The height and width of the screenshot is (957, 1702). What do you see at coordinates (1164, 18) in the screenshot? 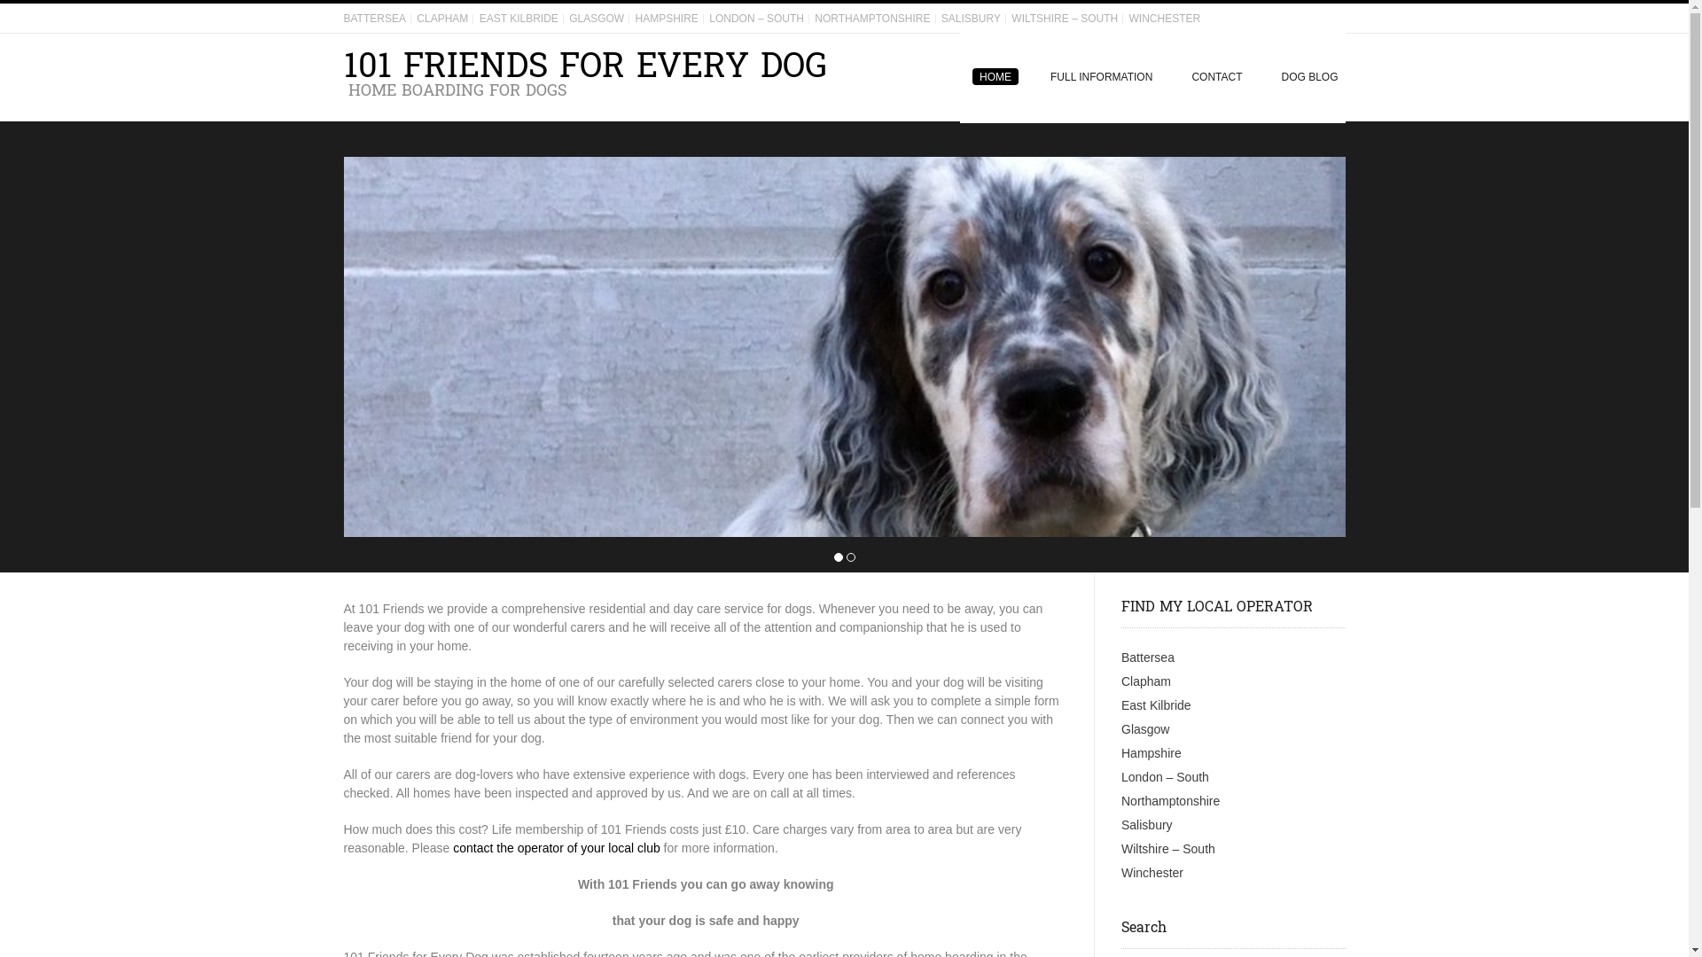
I see `'WINCHESTER'` at bounding box center [1164, 18].